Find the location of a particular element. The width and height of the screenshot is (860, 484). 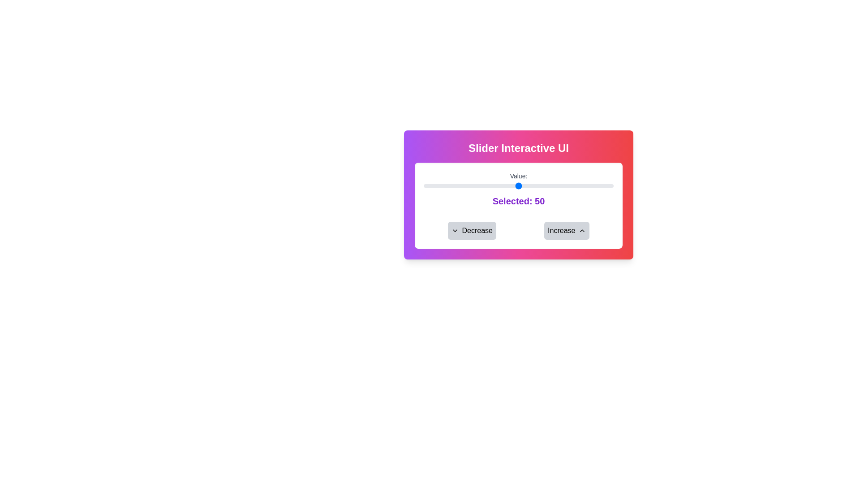

slider value is located at coordinates (495, 186).